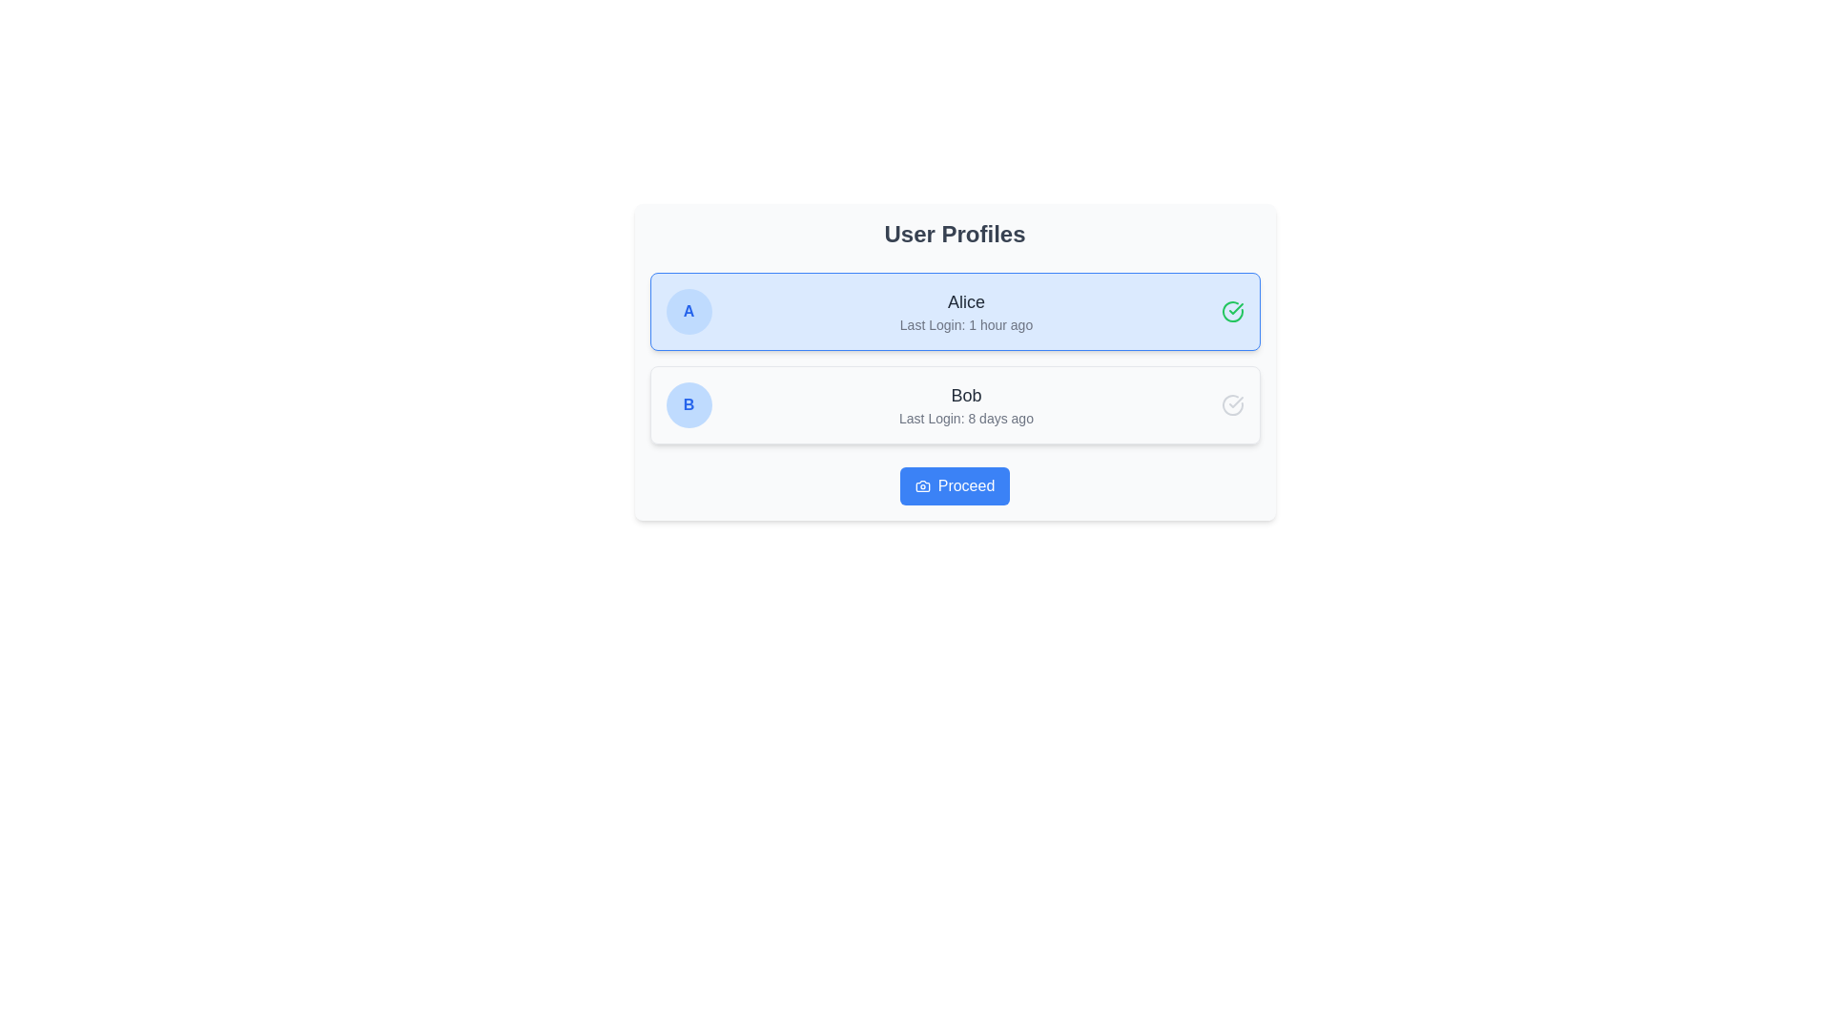 The image size is (1831, 1030). What do you see at coordinates (966, 403) in the screenshot?
I see `the text block displaying 'Bob' and 'Last Login: 8 days ago', located in the second profile card of the user profiles list` at bounding box center [966, 403].